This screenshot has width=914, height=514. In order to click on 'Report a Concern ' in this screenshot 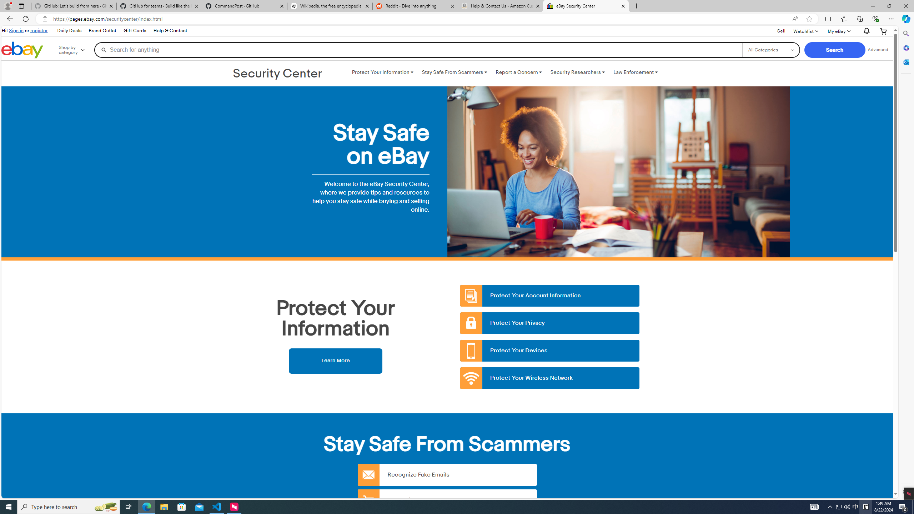, I will do `click(518, 72)`.